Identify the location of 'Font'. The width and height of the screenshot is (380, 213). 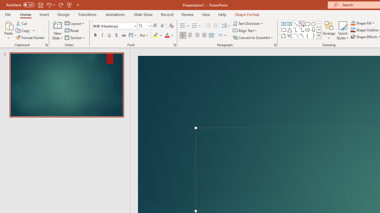
(113, 25).